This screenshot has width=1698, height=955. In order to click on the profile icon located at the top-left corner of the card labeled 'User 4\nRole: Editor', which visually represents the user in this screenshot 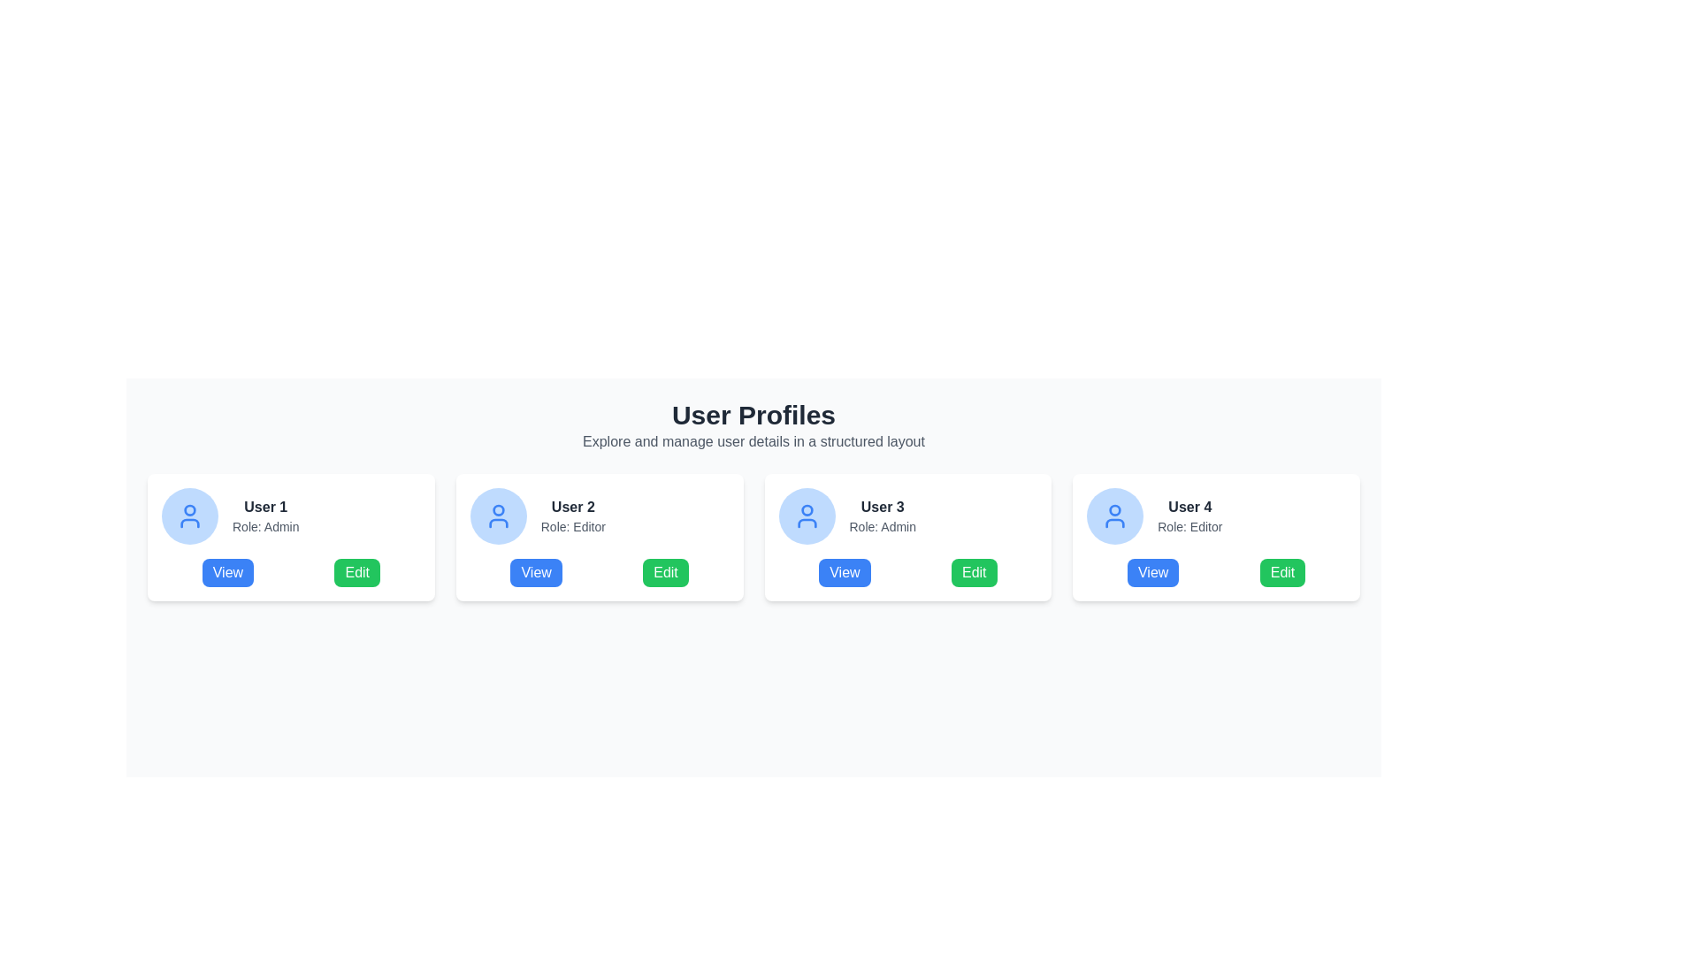, I will do `click(1114, 516)`.